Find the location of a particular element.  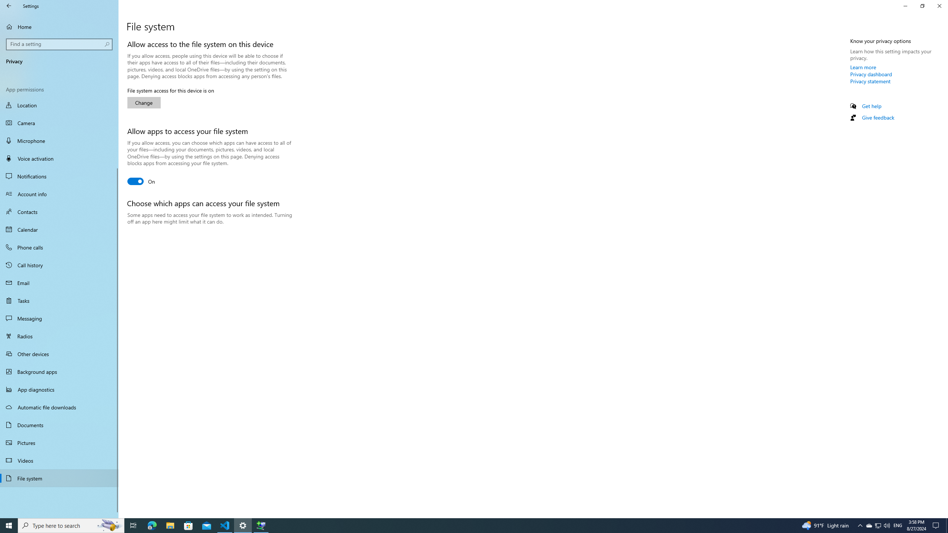

'Search box, Find a setting' is located at coordinates (59, 44).